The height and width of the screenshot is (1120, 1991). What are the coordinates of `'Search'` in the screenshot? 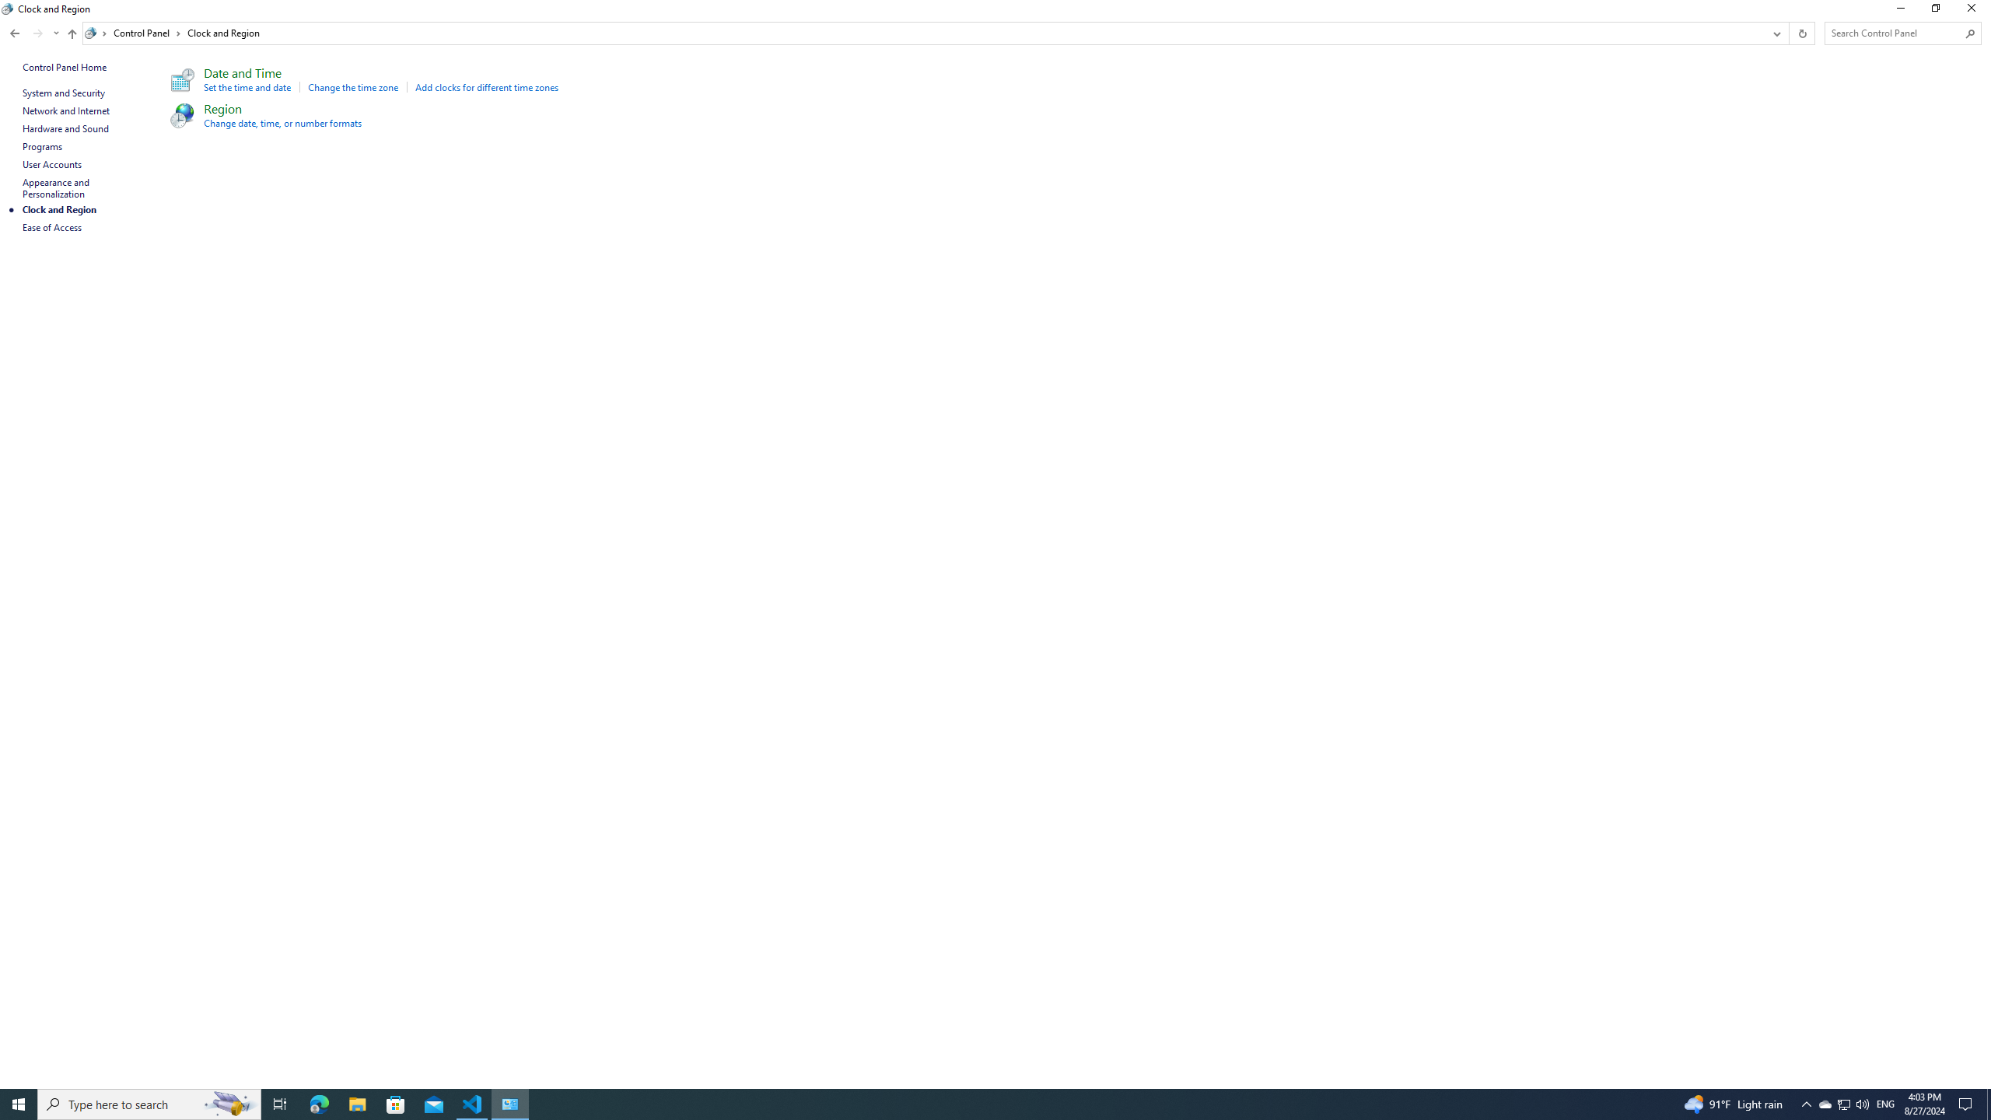 It's located at (1970, 33).